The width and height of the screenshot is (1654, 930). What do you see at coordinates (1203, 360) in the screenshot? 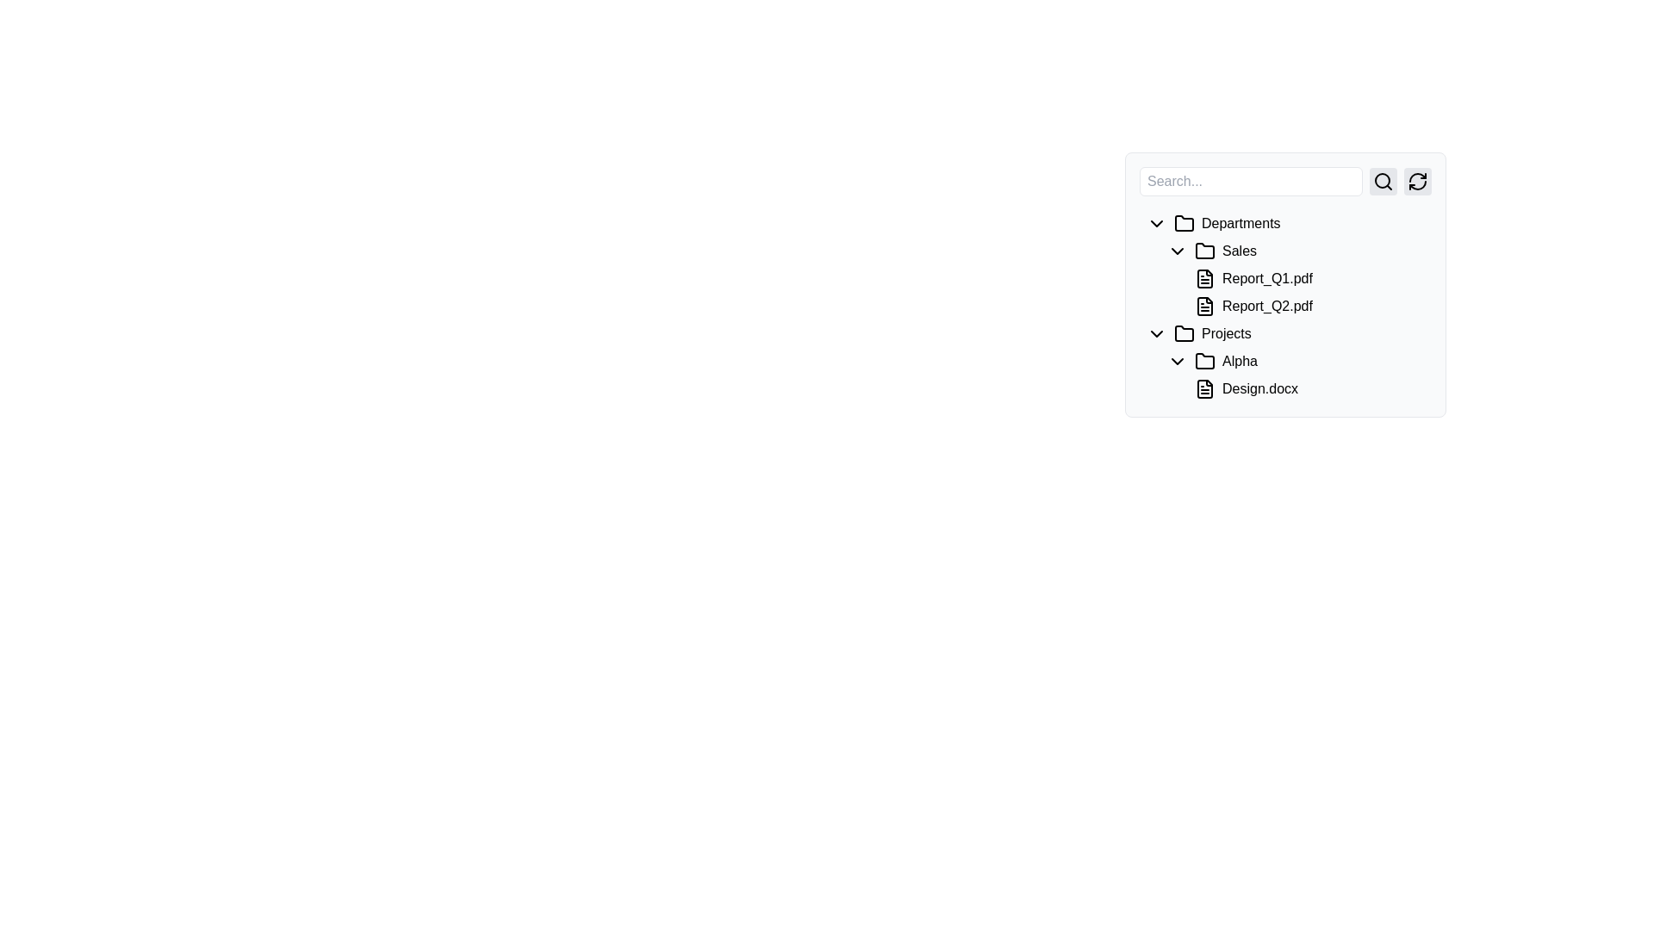
I see `the 'Alpha' folder icon located in the tree view under the 'Projects' category` at bounding box center [1203, 360].